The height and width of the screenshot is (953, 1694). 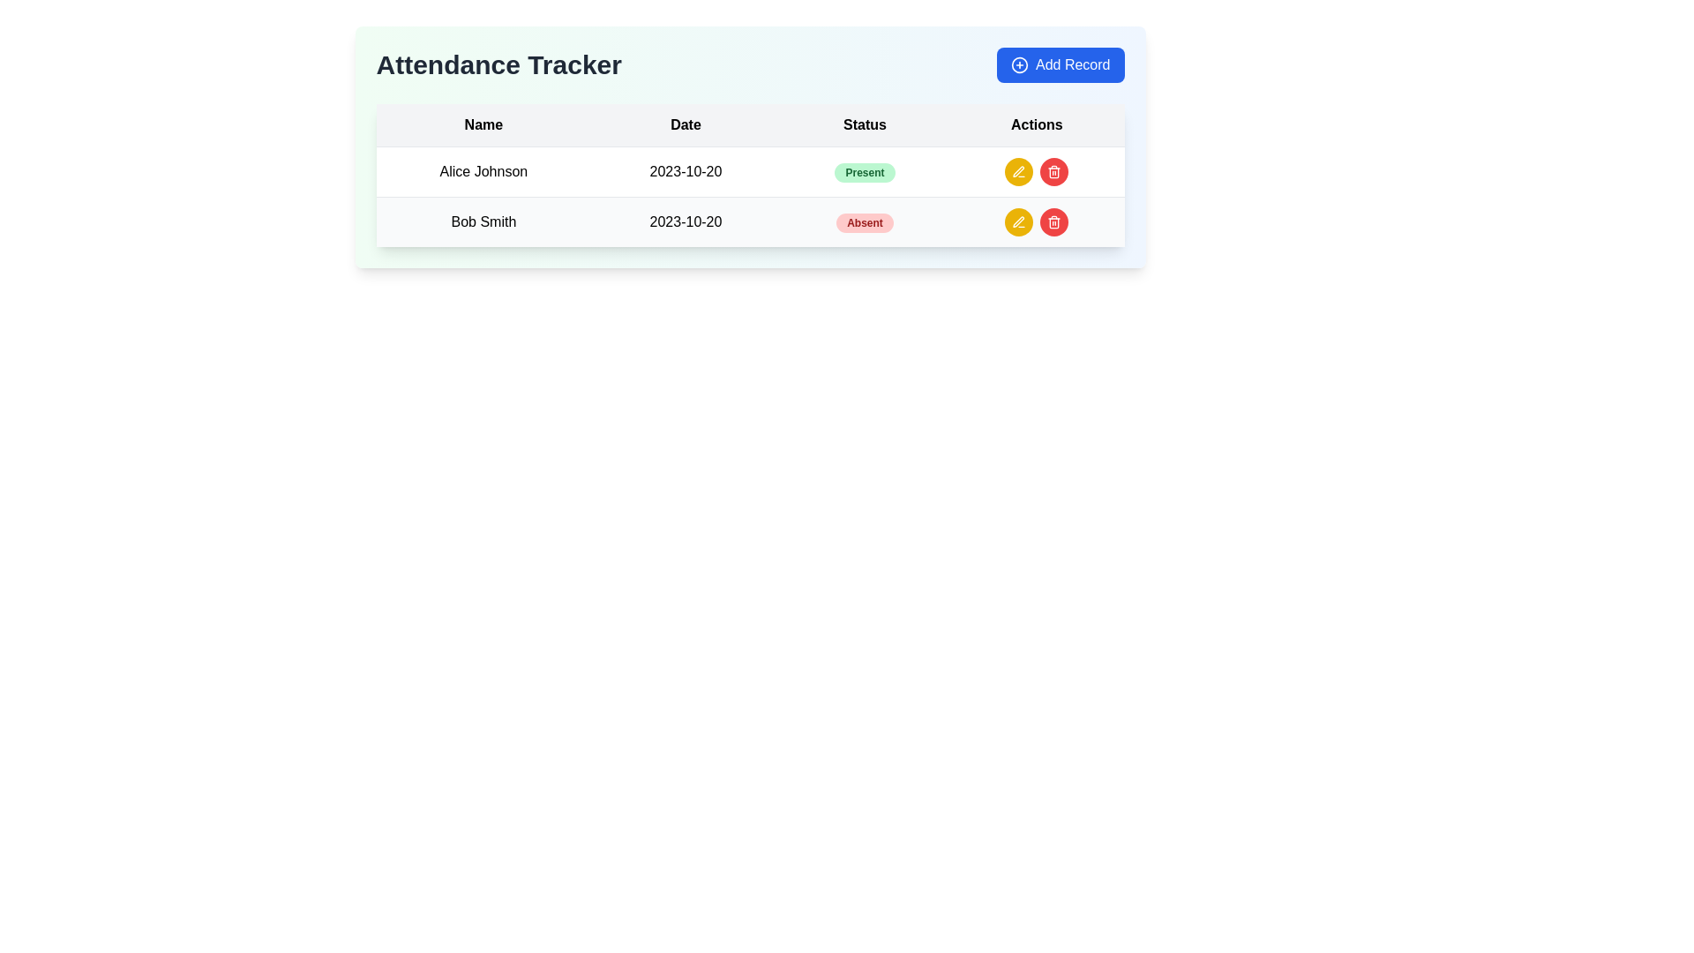 What do you see at coordinates (1054, 173) in the screenshot?
I see `the trash can icon in the 'Actions' column of the second row` at bounding box center [1054, 173].